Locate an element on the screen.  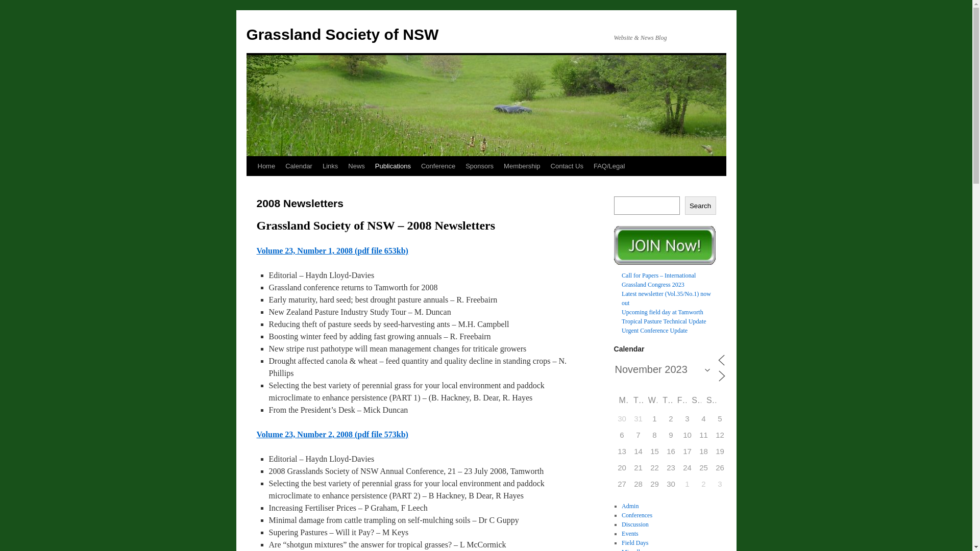
'Membership' is located at coordinates (522, 166).